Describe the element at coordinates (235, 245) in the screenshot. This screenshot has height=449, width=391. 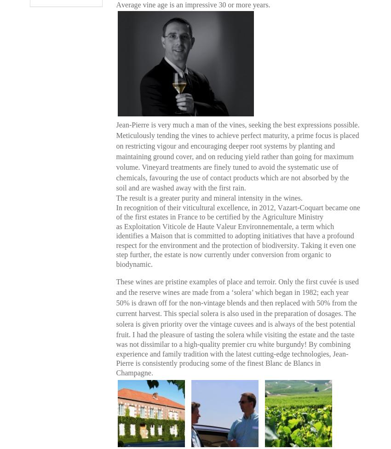
I see `', a term which identifies a Maison that is committed to adopting initiatives that have a profound respect for the environment and the protection of biodiversity. Taking it even one step further, the estate is now currently under conversion from organic to biodynamic.'` at that location.